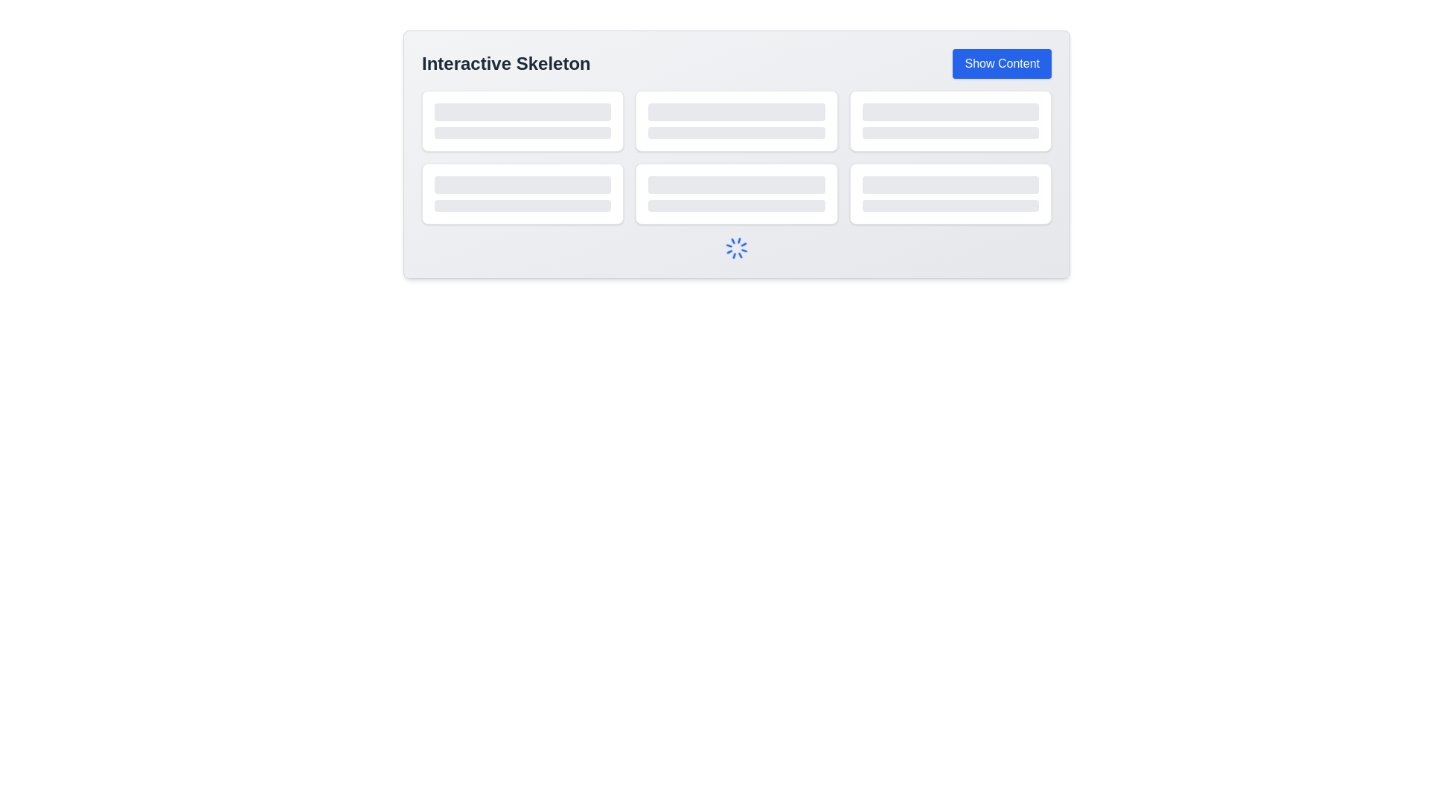 The height and width of the screenshot is (803, 1429). I want to click on the horizontal rectangle placeholder or loading skeleton element, which has a gray background and rounded ends, positioned centrally below a taller sibling element, so click(950, 132).